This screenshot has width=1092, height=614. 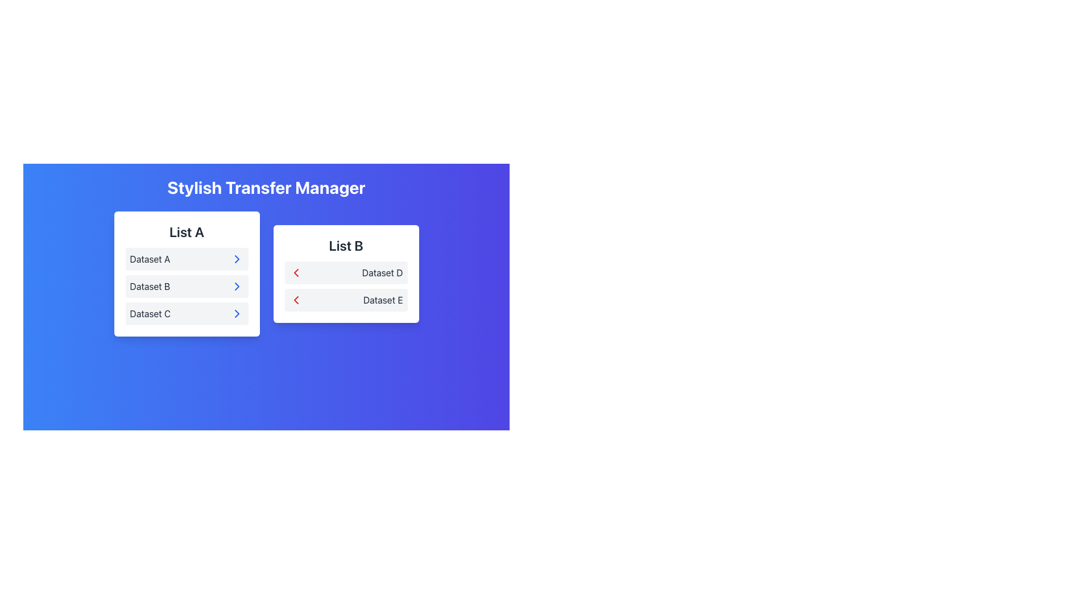 I want to click on text label for the first item in the list under 'List A', which is located in the left column of the interface, so click(x=150, y=259).